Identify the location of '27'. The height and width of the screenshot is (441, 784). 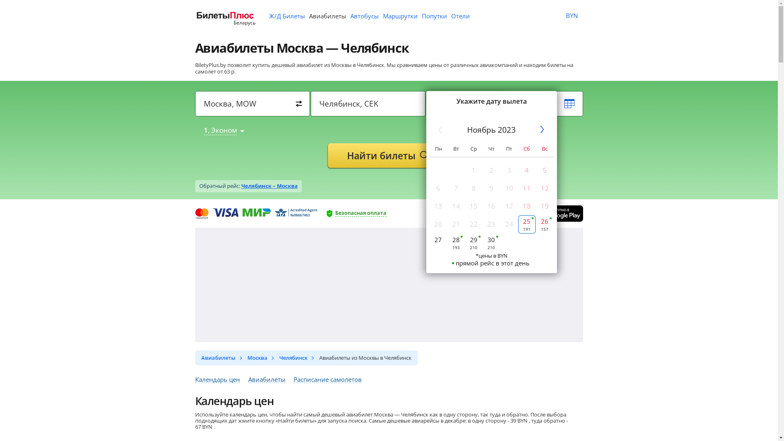
(438, 242).